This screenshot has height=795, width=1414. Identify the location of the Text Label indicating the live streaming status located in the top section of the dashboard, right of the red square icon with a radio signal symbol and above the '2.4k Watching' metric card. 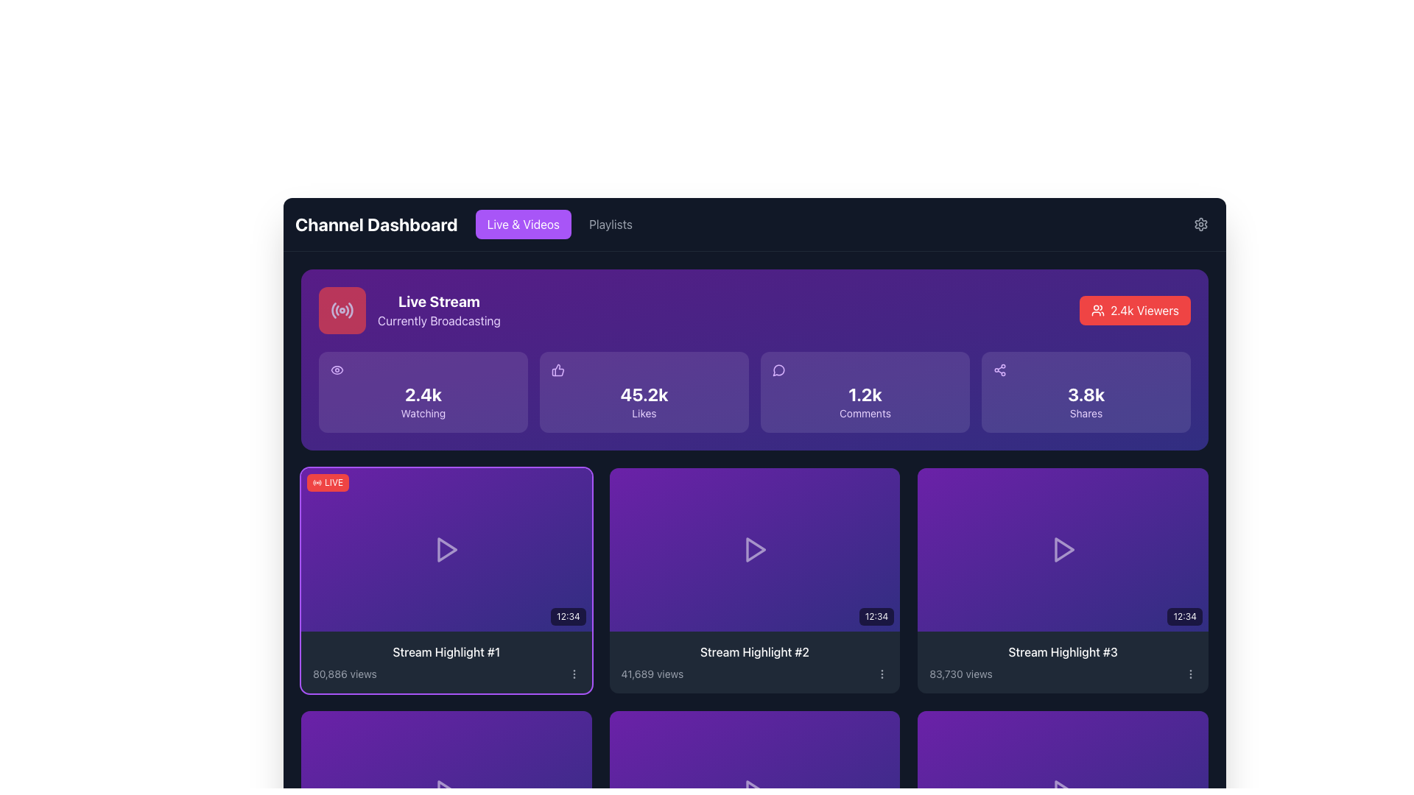
(438, 309).